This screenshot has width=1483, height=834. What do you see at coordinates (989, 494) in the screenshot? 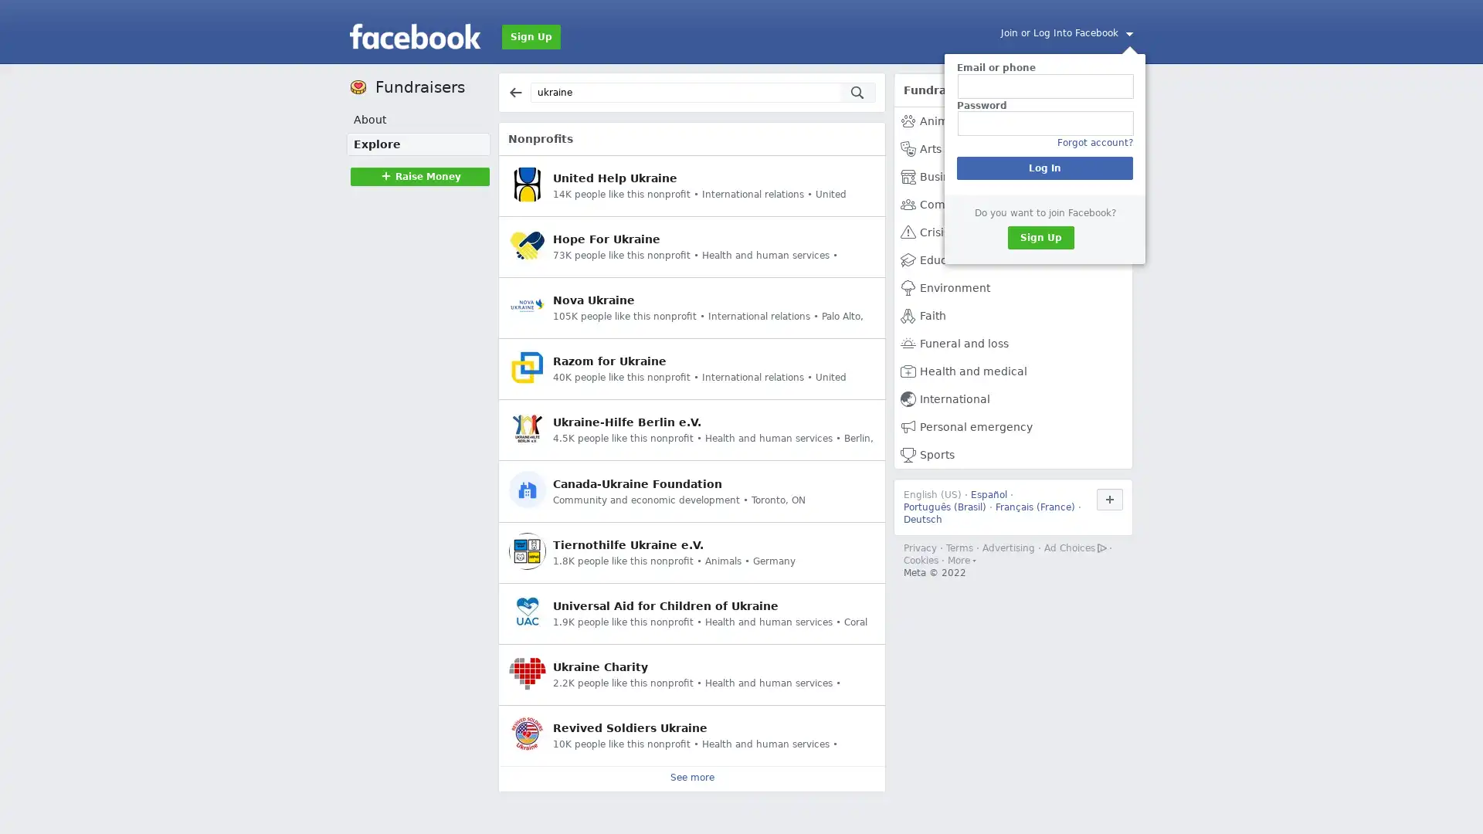
I see `Espanol` at bounding box center [989, 494].